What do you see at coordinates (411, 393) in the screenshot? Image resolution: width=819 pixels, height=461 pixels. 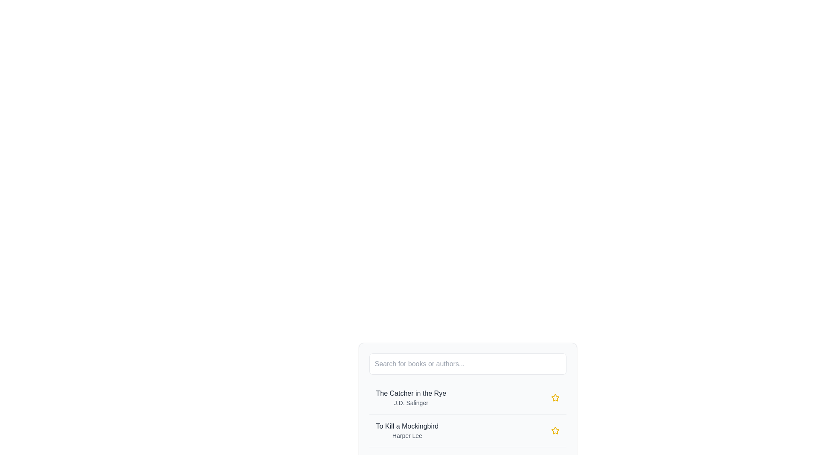 I see `the label representing the title of a book, located above the author's name 'J.D. Salinger' in the book list entry` at bounding box center [411, 393].